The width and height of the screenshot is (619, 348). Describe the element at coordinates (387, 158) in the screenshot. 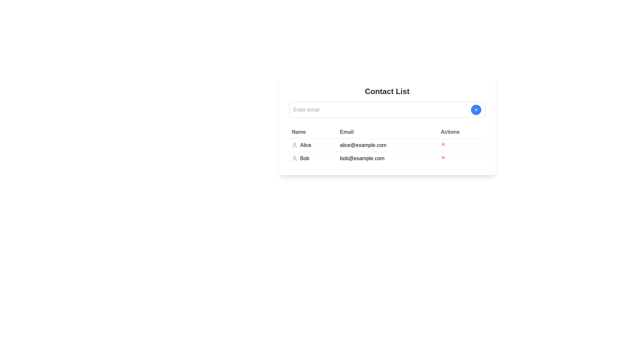

I see `the contact row displaying the contact's information for highlighting, located in the 'Contact List' table, specifically the second row after 'Alice'` at that location.